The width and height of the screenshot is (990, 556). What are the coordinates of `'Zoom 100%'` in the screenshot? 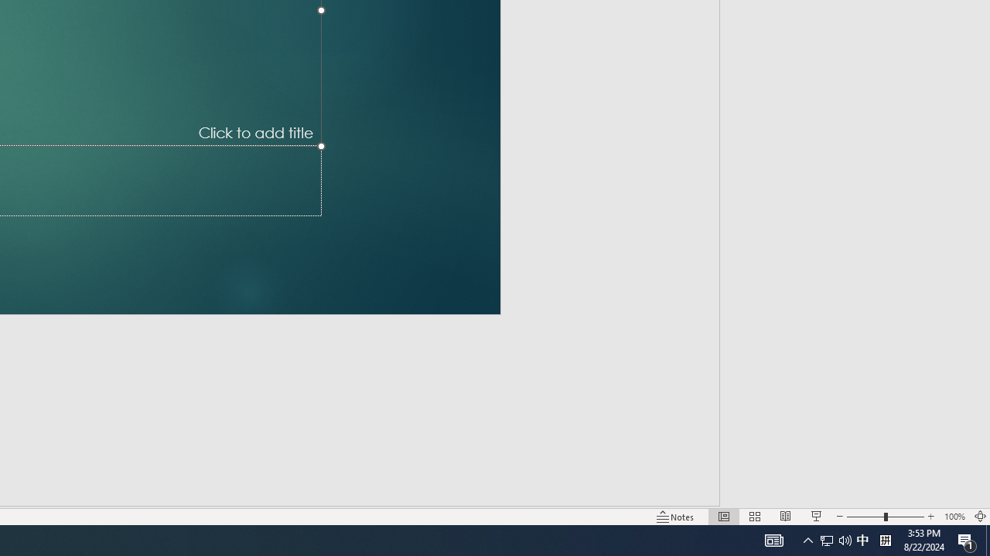 It's located at (954, 517).